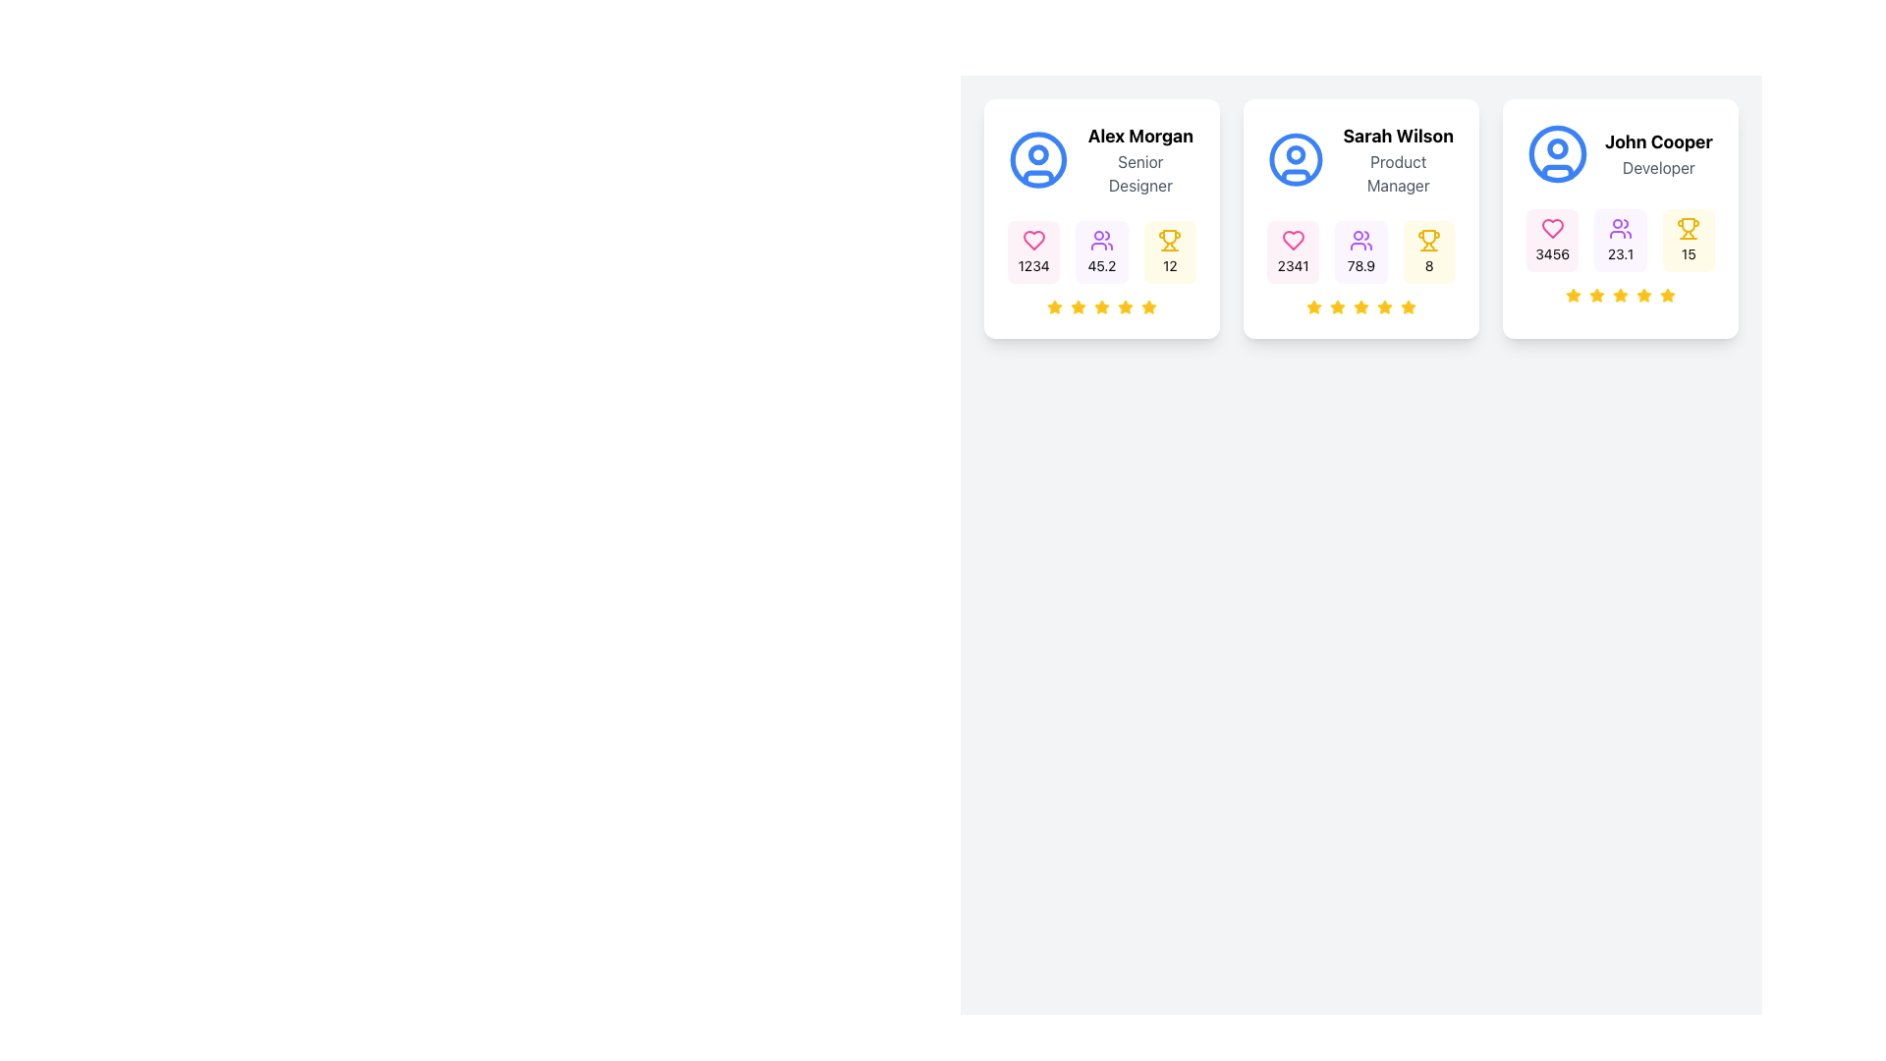  I want to click on rating stars element located at the bottom of the card labeled 'Sarah Wilson, Product Manager', which visually represents a user rating or score, so click(1360, 307).